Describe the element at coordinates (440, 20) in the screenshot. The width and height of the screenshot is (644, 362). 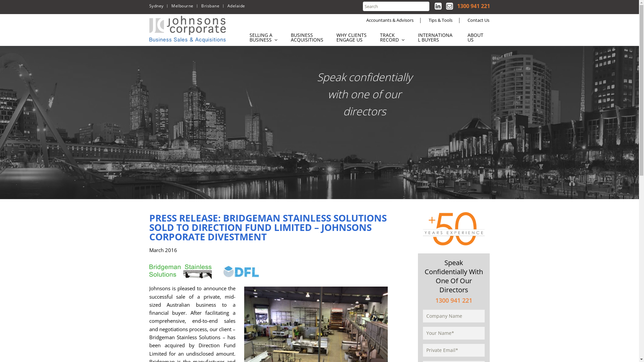
I see `'Tips & Tools'` at that location.